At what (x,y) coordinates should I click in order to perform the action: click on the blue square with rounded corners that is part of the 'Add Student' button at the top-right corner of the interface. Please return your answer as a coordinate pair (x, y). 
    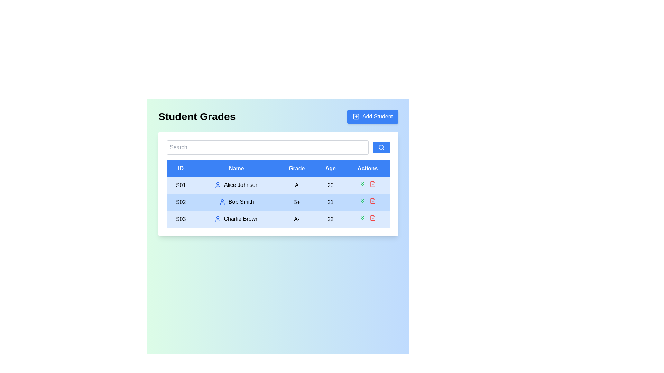
    Looking at the image, I should click on (356, 116).